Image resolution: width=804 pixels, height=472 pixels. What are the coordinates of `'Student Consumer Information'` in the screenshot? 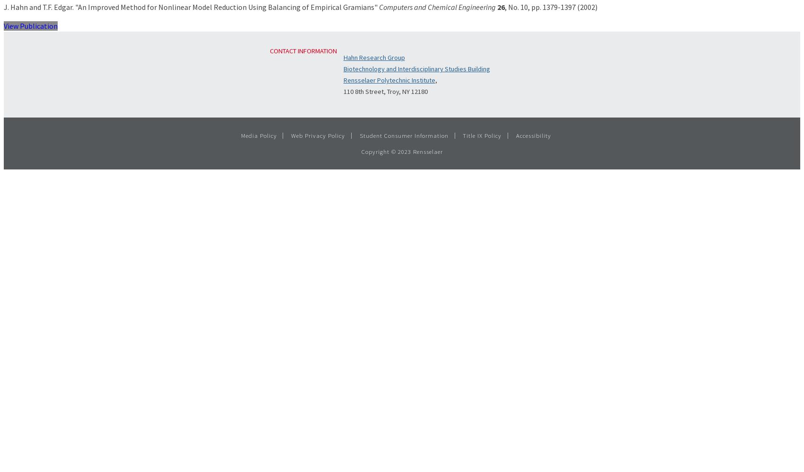 It's located at (359, 135).